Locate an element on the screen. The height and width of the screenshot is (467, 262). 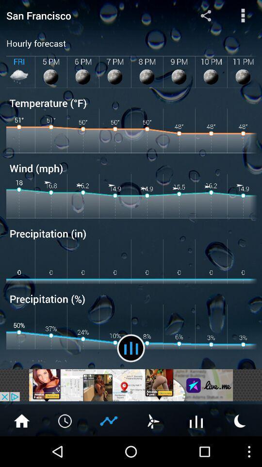
sound is located at coordinates (196, 420).